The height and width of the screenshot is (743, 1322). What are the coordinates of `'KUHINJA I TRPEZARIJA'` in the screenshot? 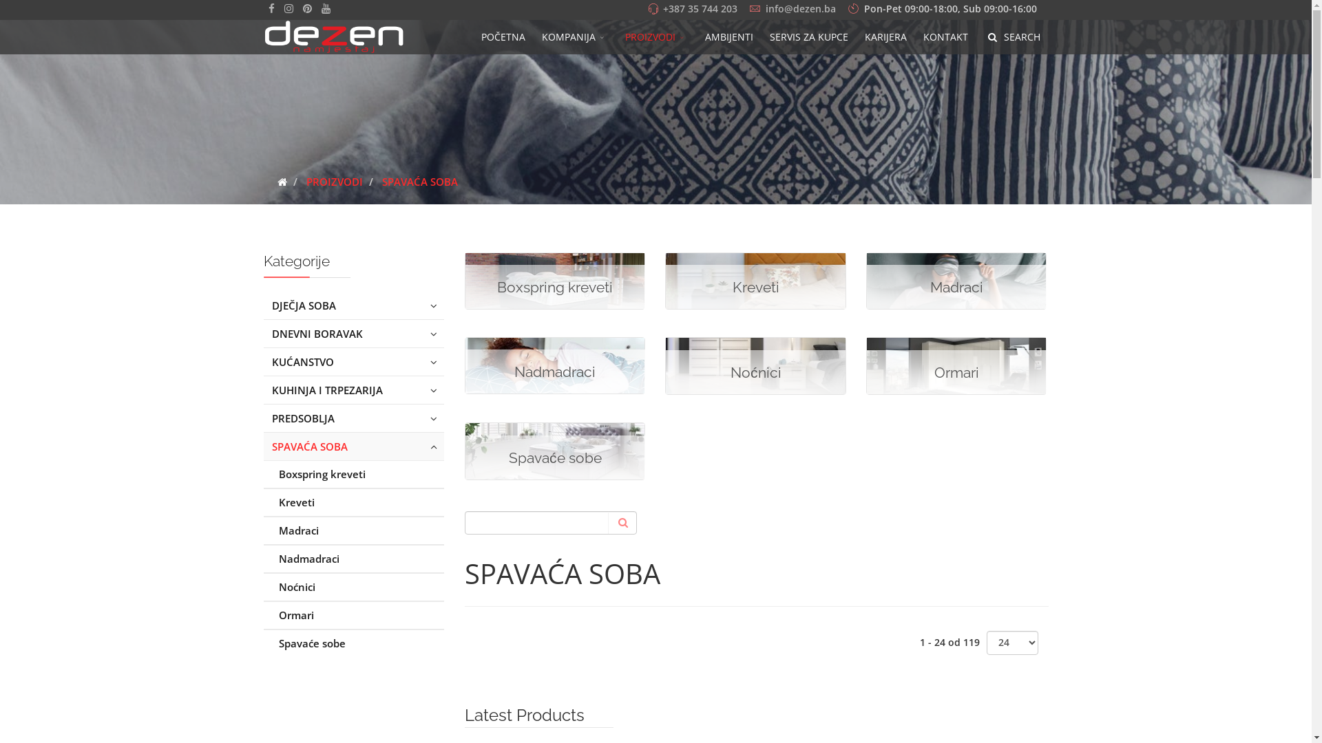 It's located at (353, 390).